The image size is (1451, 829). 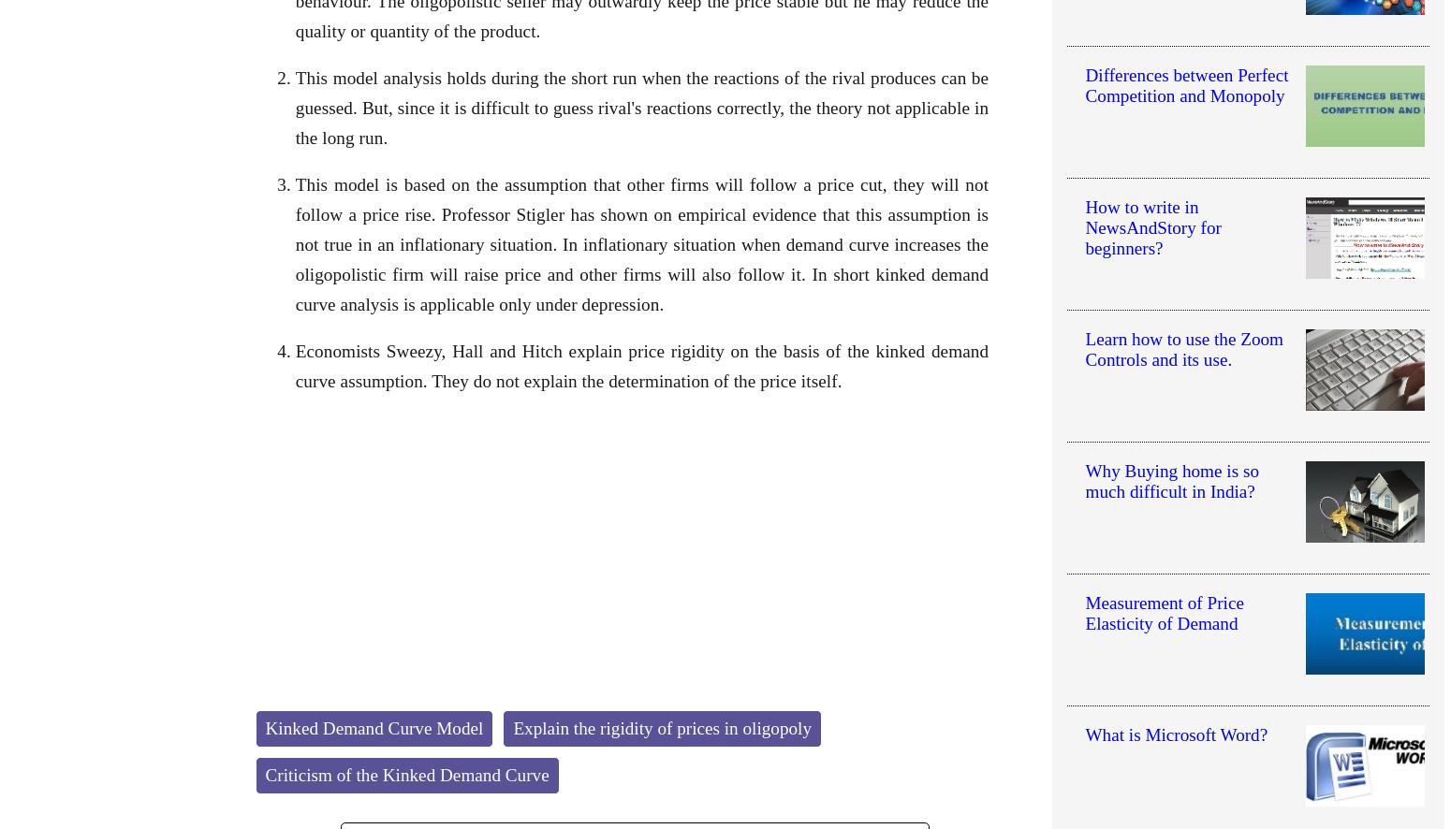 What do you see at coordinates (640, 242) in the screenshot?
I see `'This model is based on the assumption that other firms will follow a price cut, they will not follow a price rise. Professor Stigler has shown on empirical evidence that this assumption is not true in an inflationary situation. In inflationary situation when demand curve increases the oligopolistic firm will raise price and other firms will also follow it. In short kinked demand curve analysis is applicable only under depression.'` at bounding box center [640, 242].